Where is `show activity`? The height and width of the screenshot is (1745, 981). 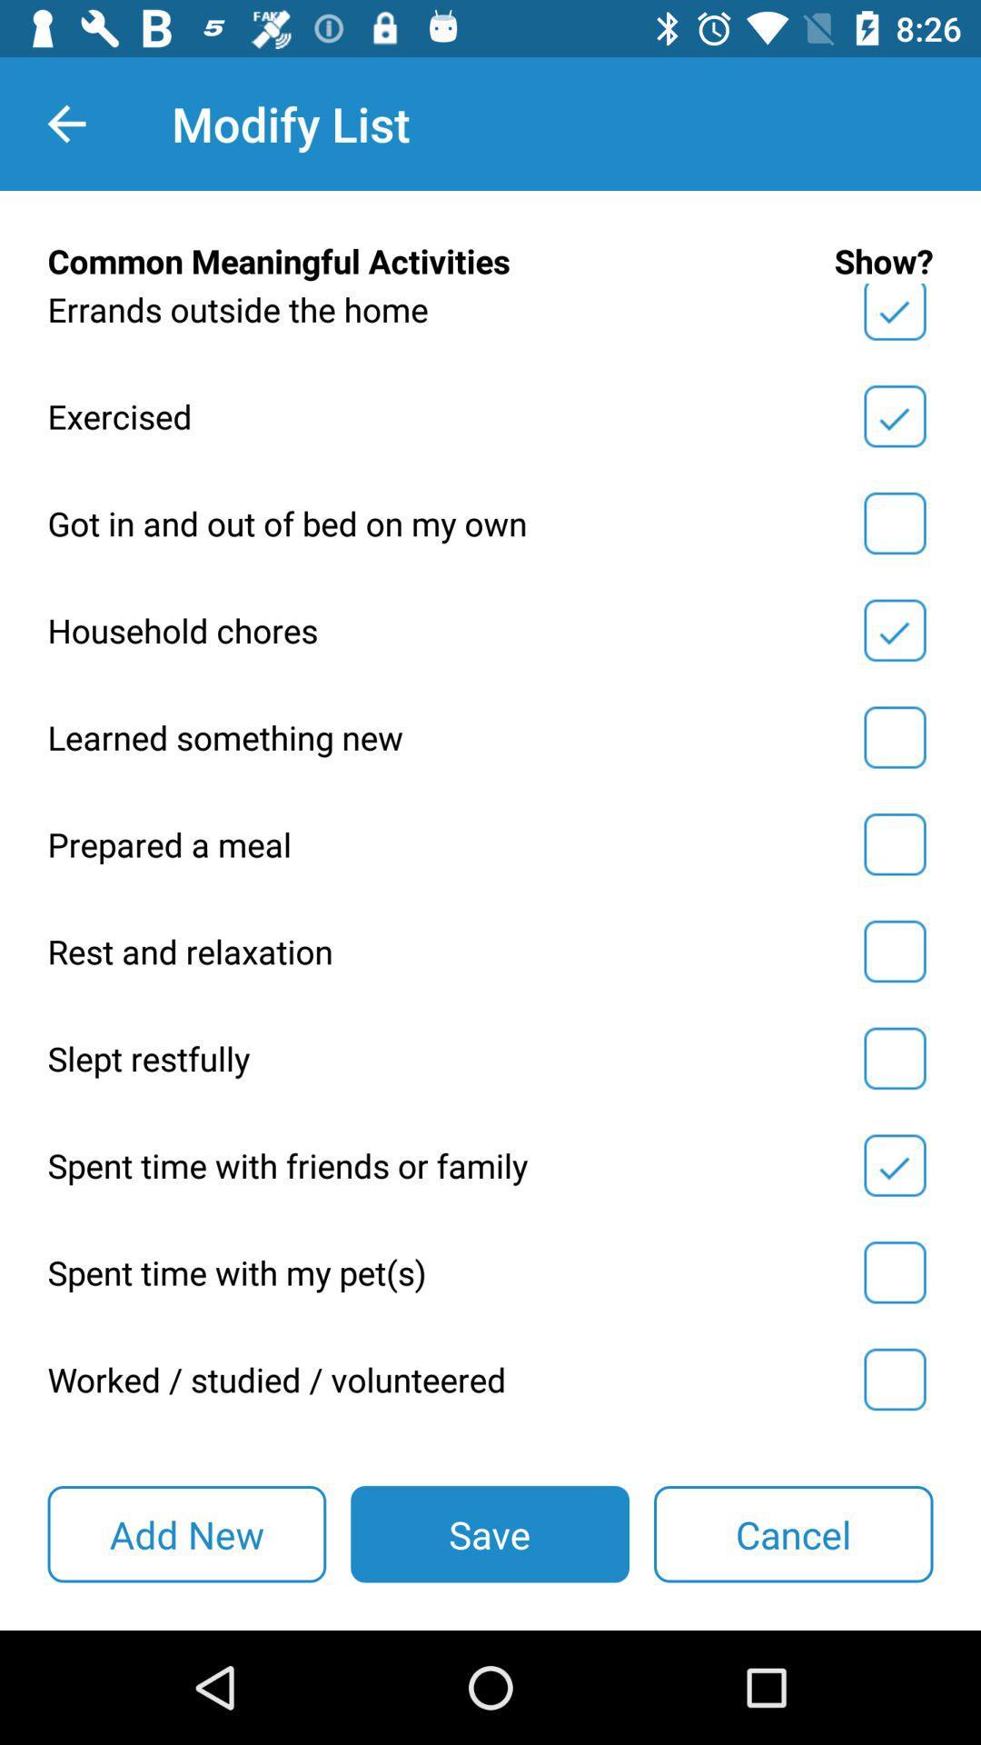
show activity is located at coordinates (894, 950).